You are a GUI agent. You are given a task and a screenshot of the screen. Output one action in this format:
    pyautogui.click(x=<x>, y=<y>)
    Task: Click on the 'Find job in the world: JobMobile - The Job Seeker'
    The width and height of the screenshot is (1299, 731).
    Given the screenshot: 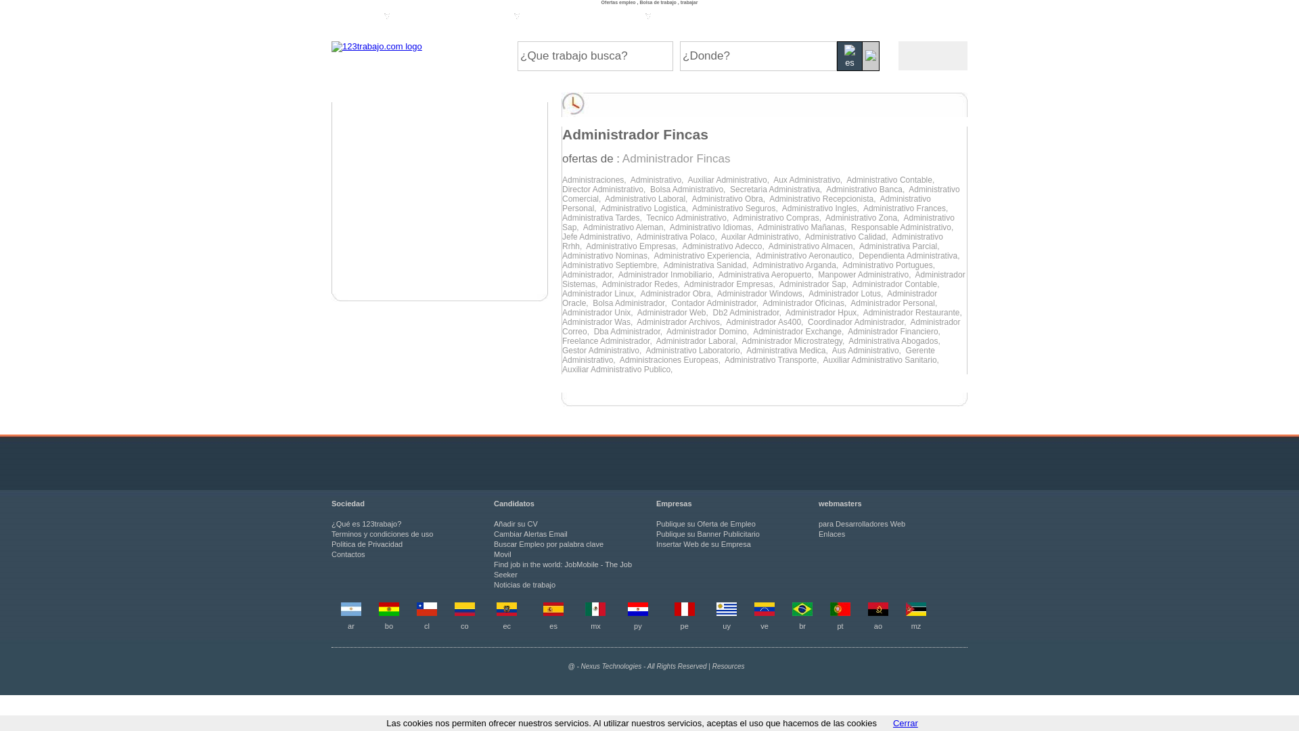 What is the action you would take?
    pyautogui.click(x=562, y=569)
    